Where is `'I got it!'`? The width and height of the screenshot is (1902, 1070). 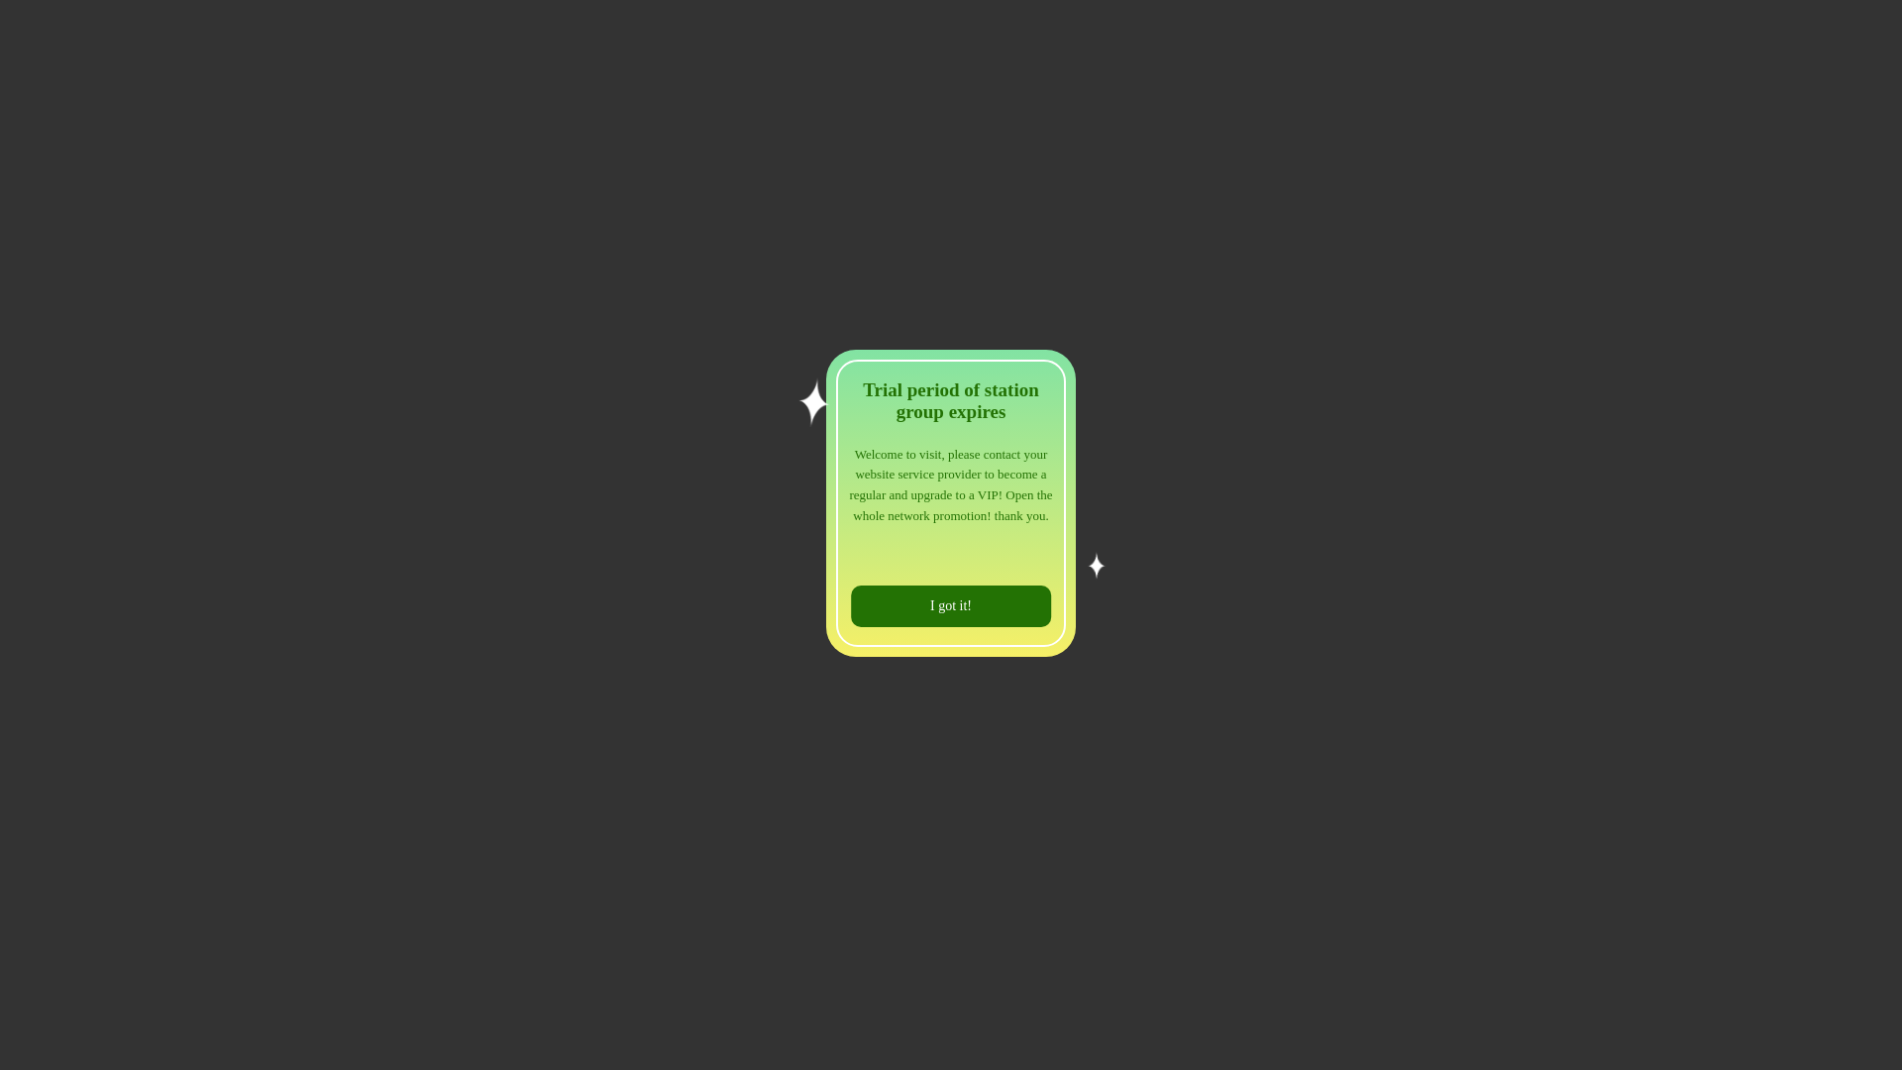 'I got it!' is located at coordinates (951, 605).